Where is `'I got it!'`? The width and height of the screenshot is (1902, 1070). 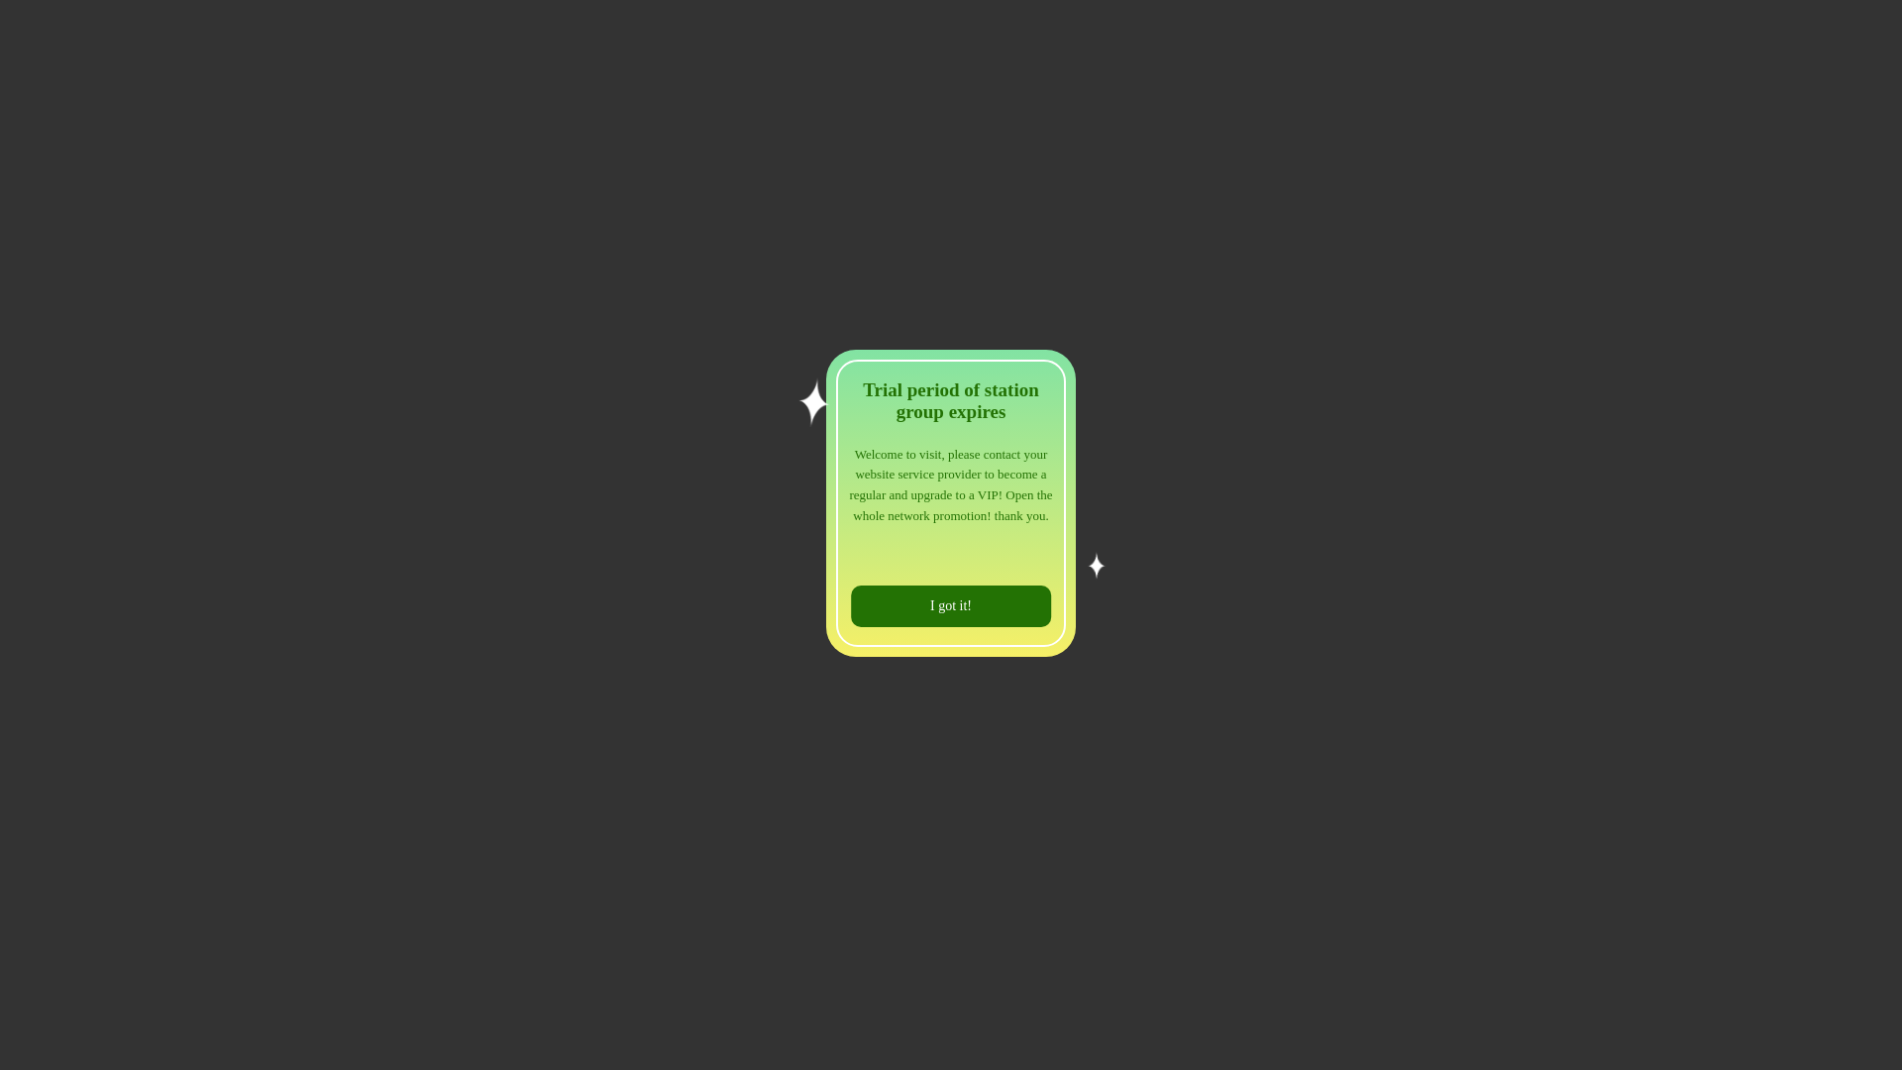 'I got it!' is located at coordinates (951, 605).